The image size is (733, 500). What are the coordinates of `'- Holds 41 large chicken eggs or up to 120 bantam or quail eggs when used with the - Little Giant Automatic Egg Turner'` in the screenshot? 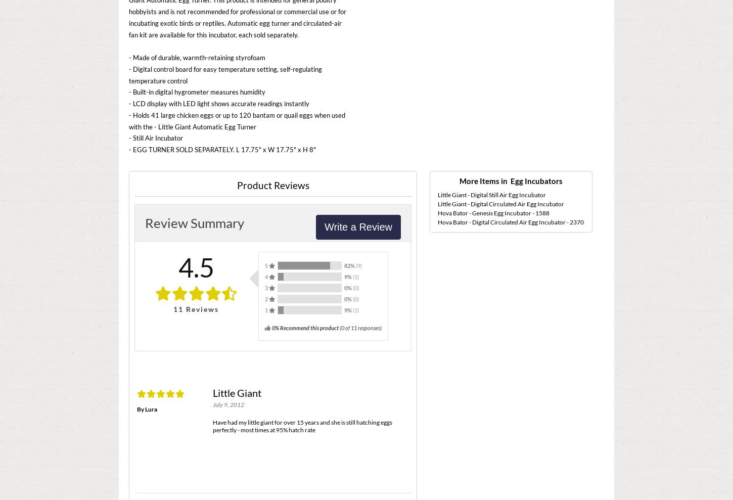 It's located at (236, 120).